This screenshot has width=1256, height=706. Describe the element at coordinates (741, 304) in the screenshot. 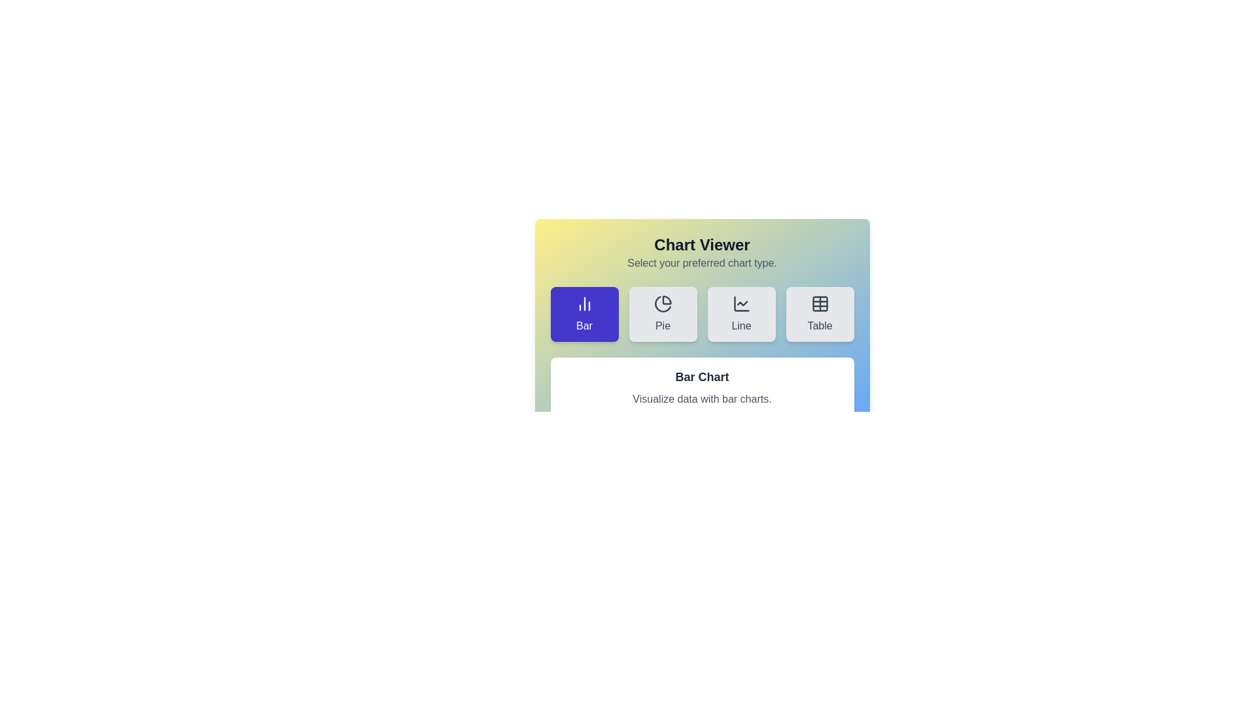

I see `the graphical decoration representing the 'Line' chart type option within the SVG icon, located in the bottom half of the button labeled 'Line'` at that location.